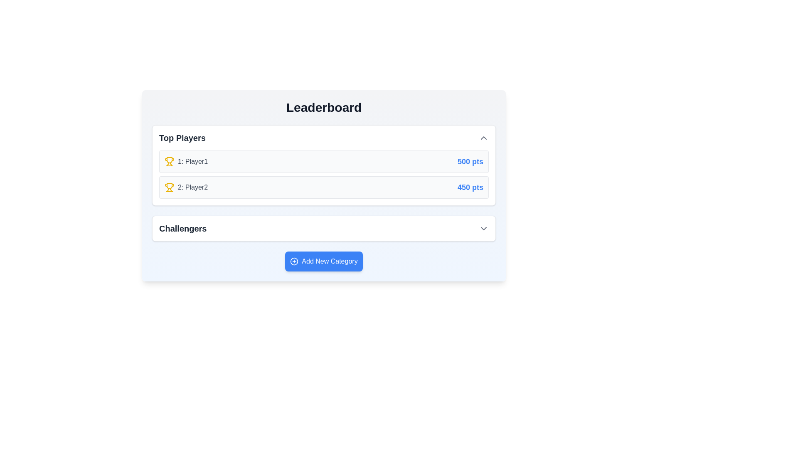 Image resolution: width=798 pixels, height=449 pixels. What do you see at coordinates (294, 261) in the screenshot?
I see `the circular outline of the 'Add New Category' button, which signifies interactivity and encapsulates the '+' sign for creating new entries` at bounding box center [294, 261].